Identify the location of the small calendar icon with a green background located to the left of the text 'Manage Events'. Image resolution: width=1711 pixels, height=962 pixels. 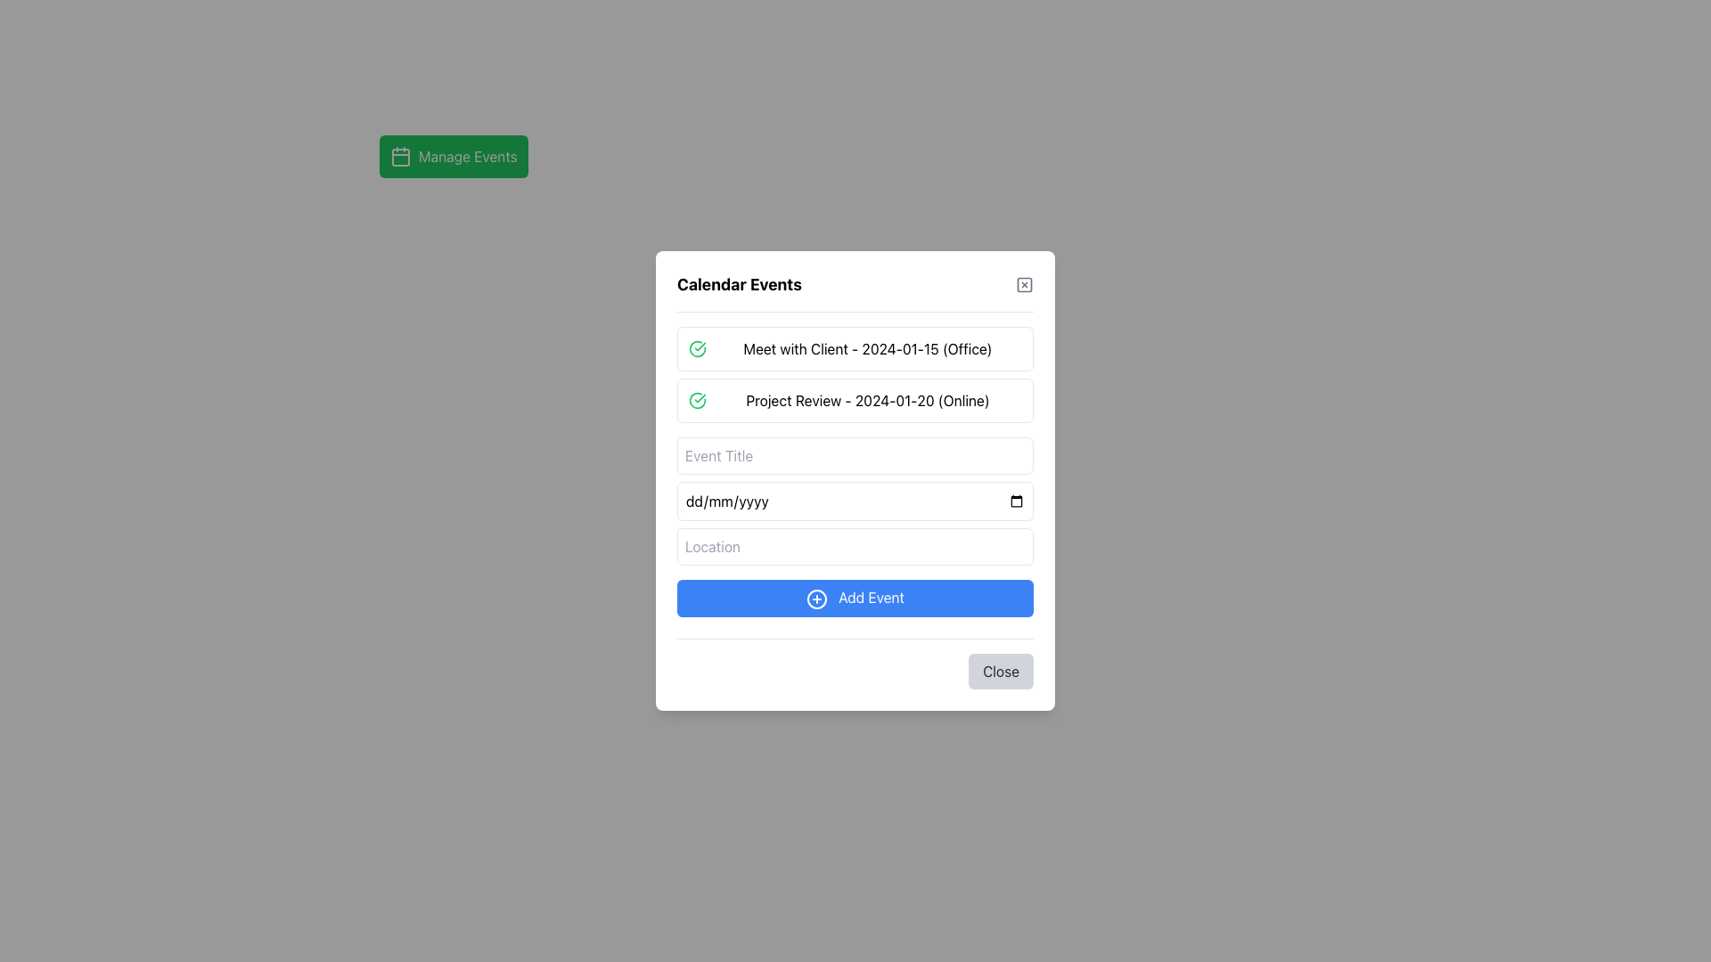
(400, 156).